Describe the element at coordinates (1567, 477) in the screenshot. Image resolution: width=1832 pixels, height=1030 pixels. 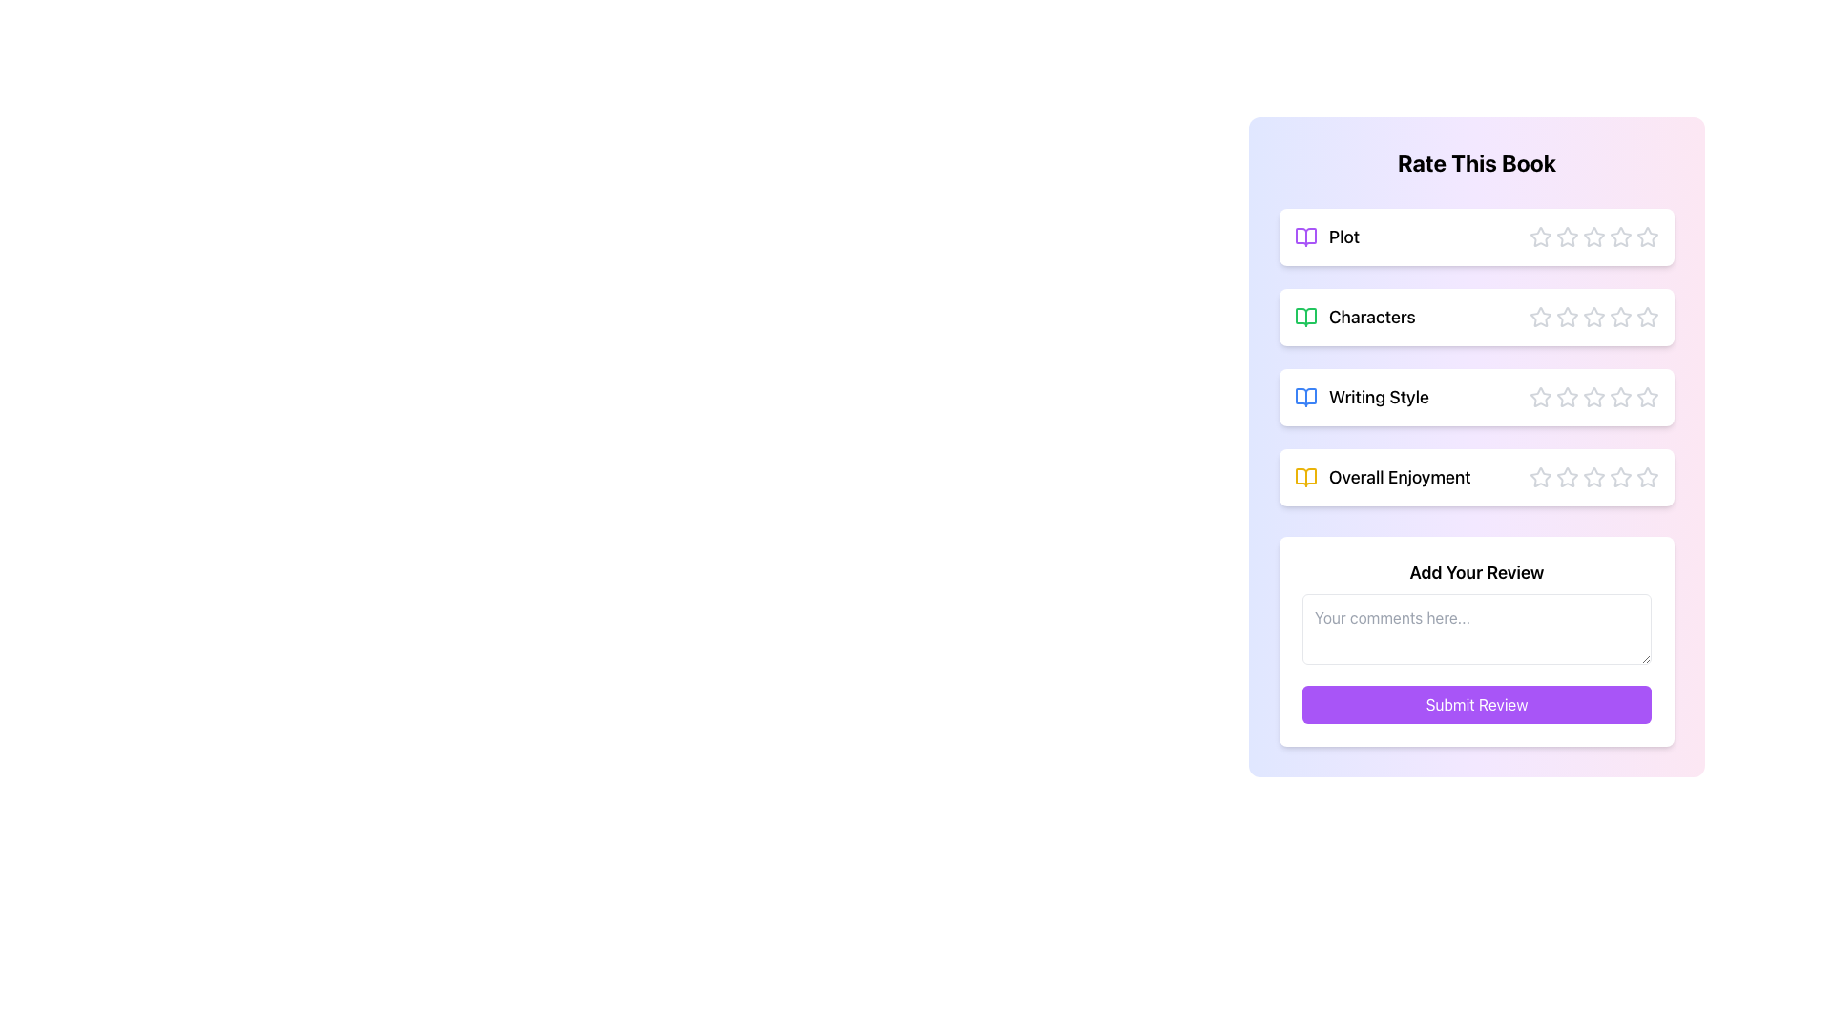
I see `the third Rating Star Icon` at that location.